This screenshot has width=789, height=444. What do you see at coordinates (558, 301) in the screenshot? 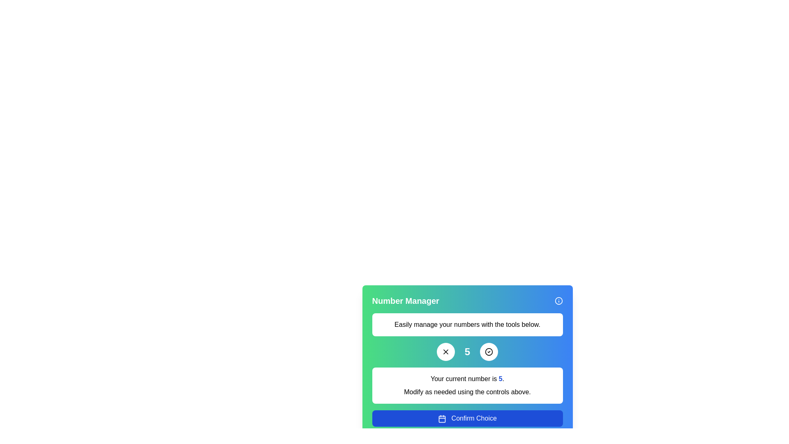
I see `the informational icon button located` at bounding box center [558, 301].